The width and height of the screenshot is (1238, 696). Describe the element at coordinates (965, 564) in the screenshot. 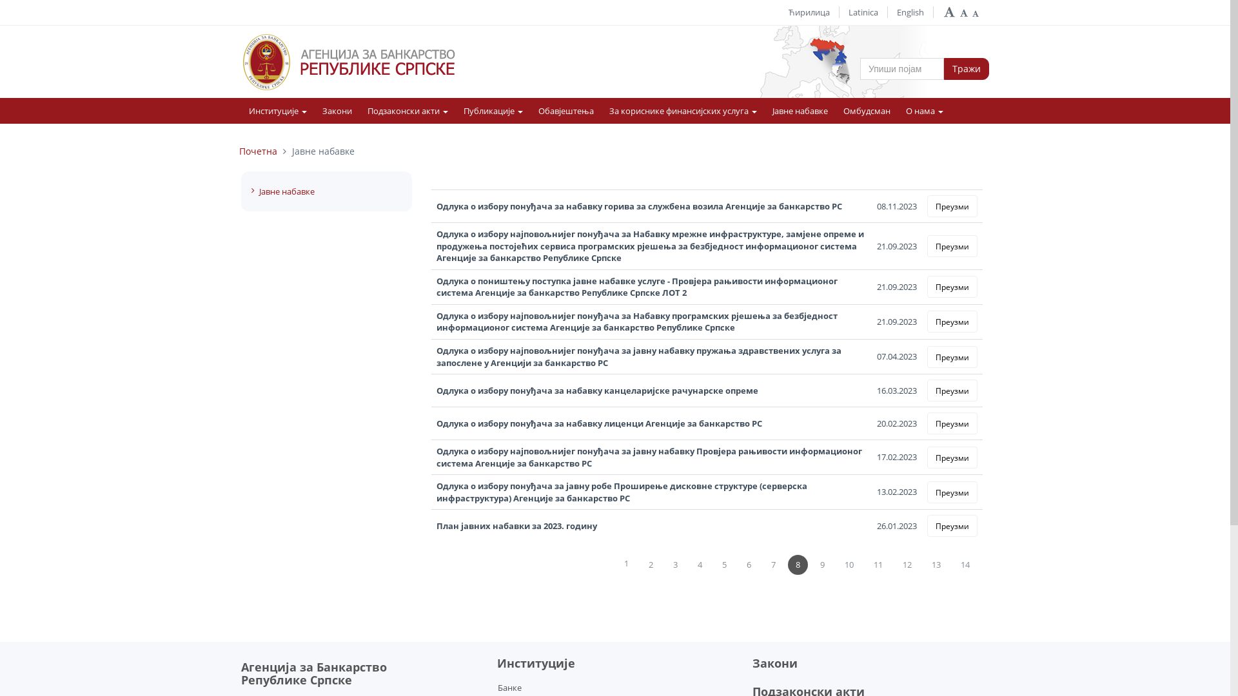

I see `'14'` at that location.